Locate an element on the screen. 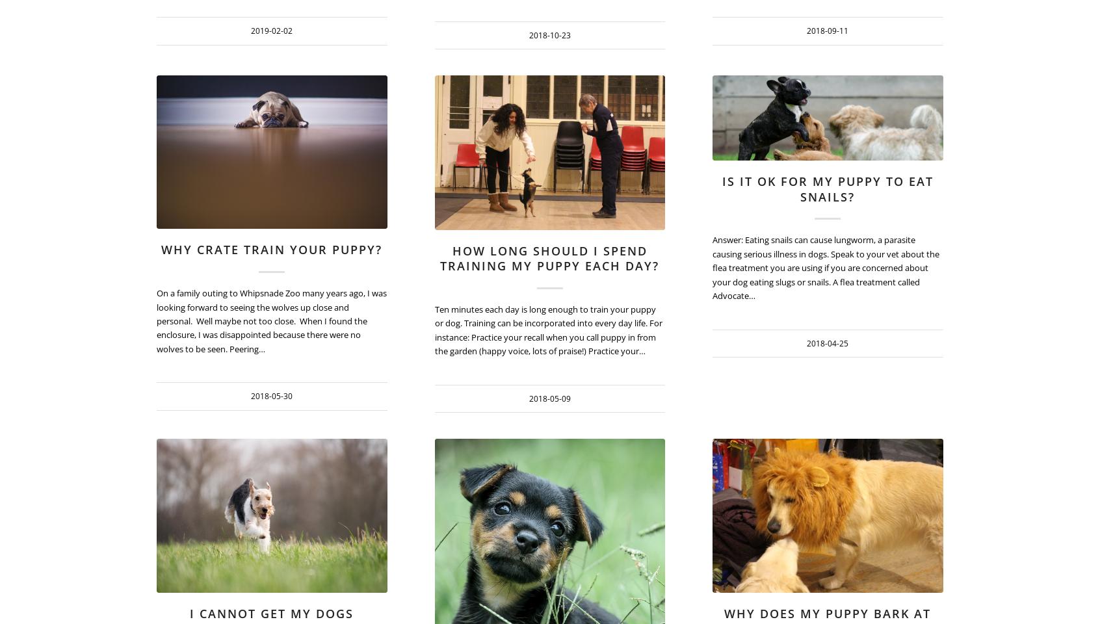  'https://www.enfielddogtraining.co.uk/wp-content/uploads/2018/05/pug-1209129_640.jpg' is located at coordinates (386, 95).